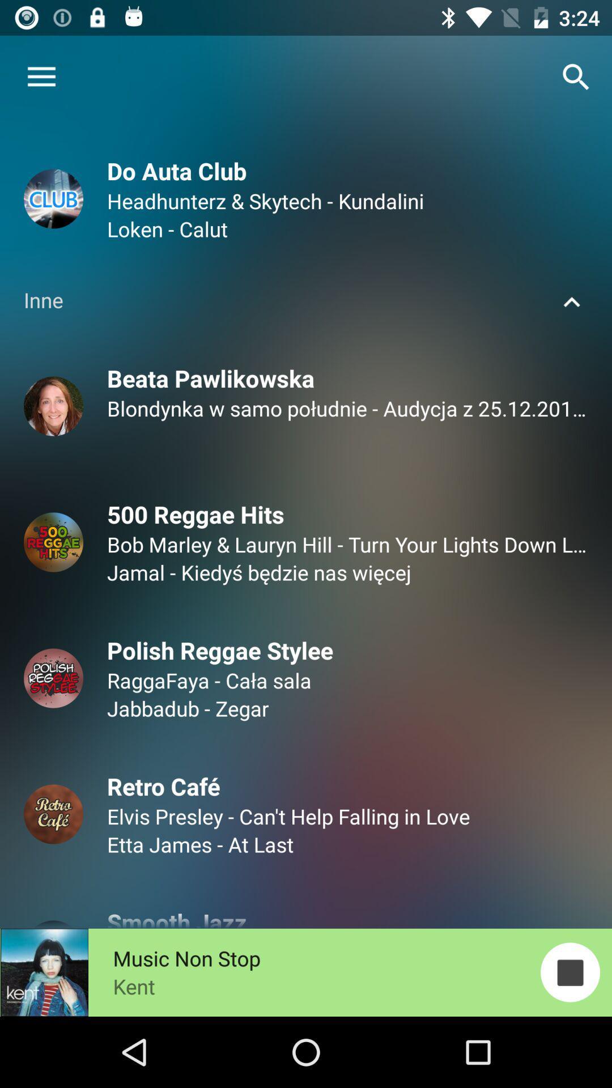  What do you see at coordinates (53, 406) in the screenshot?
I see `the image below inne` at bounding box center [53, 406].